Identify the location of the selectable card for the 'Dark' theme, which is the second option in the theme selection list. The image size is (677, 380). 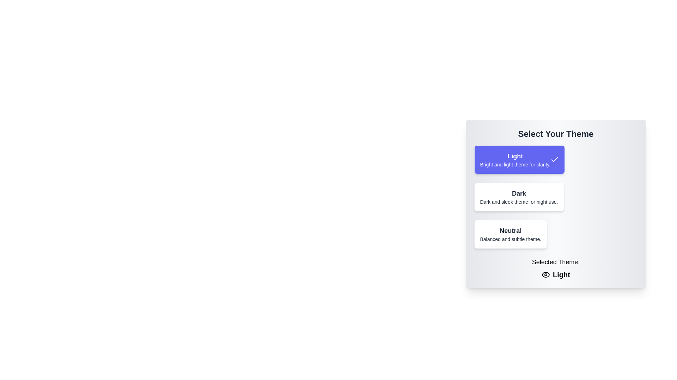
(519, 197).